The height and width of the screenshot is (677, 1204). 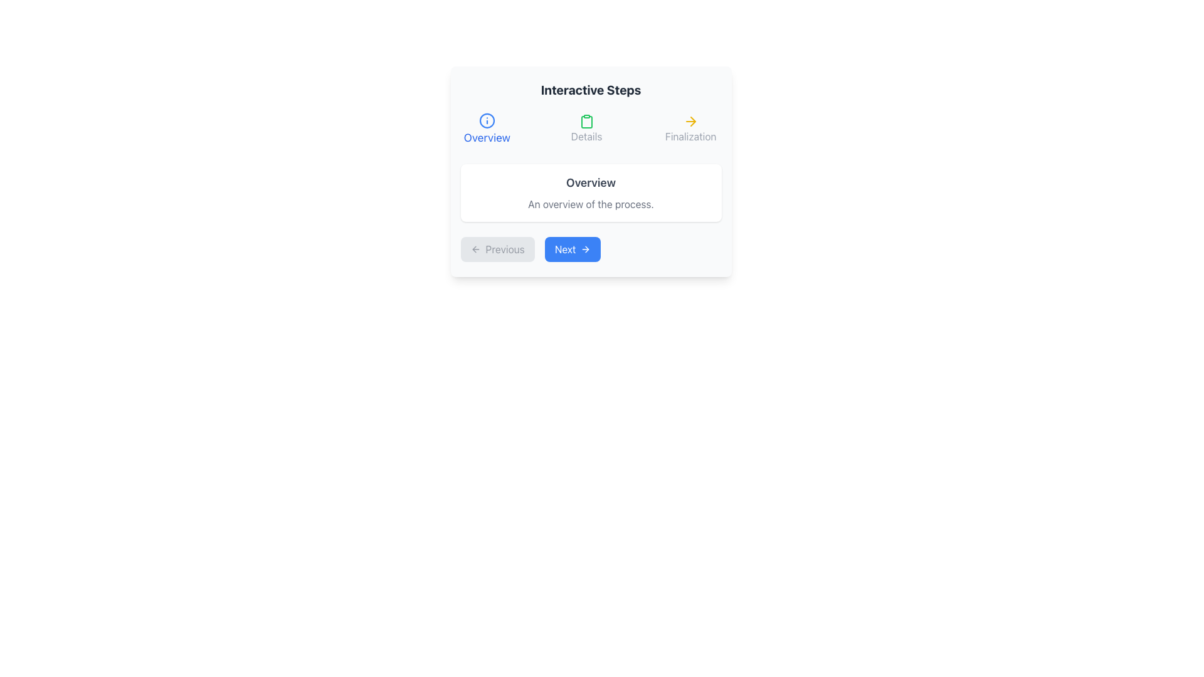 What do you see at coordinates (690, 129) in the screenshot?
I see `the 'Finalization' clickable label with a yellow right arrow icon, which is the third option in the horizontal list of steps at the top of the UI` at bounding box center [690, 129].